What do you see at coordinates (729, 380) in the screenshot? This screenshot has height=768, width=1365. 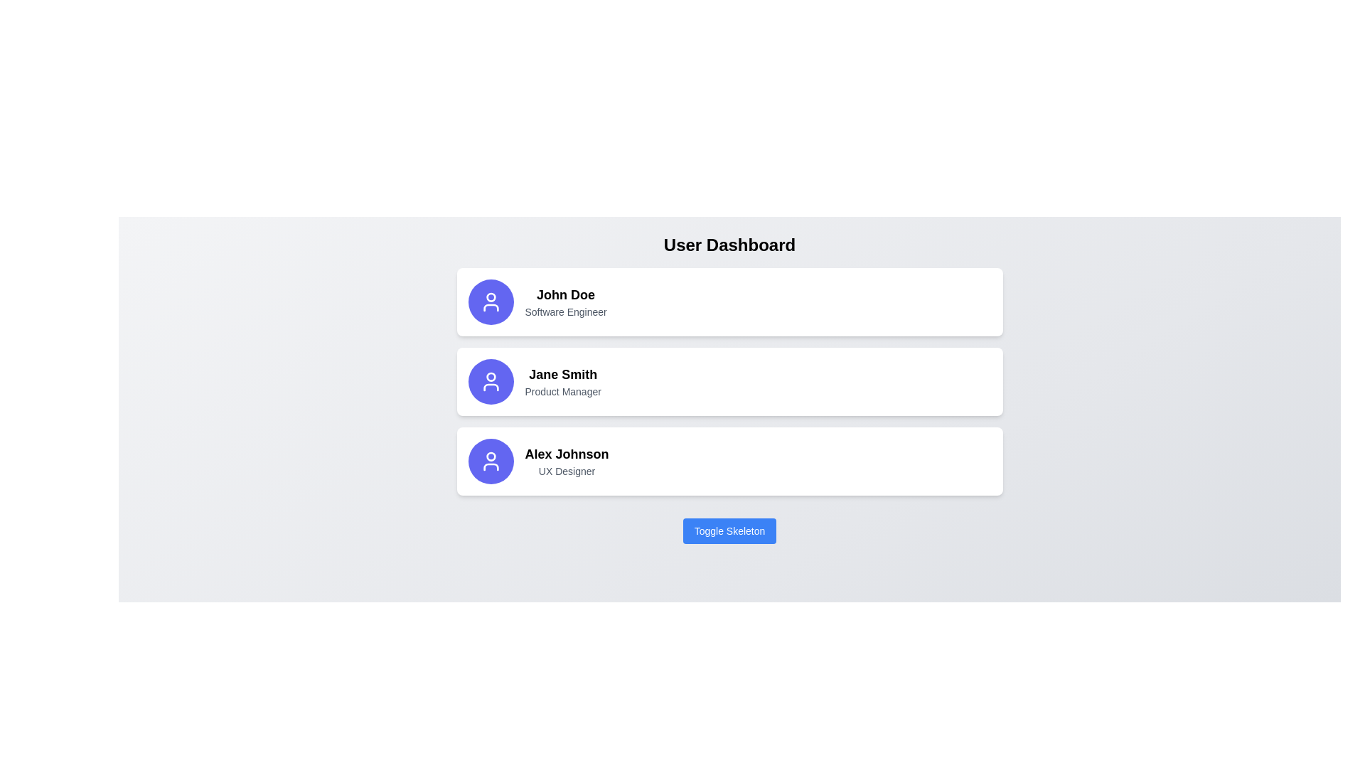 I see `the Profile card for 'Jane Smith', which is the second card in a vertical list` at bounding box center [729, 380].